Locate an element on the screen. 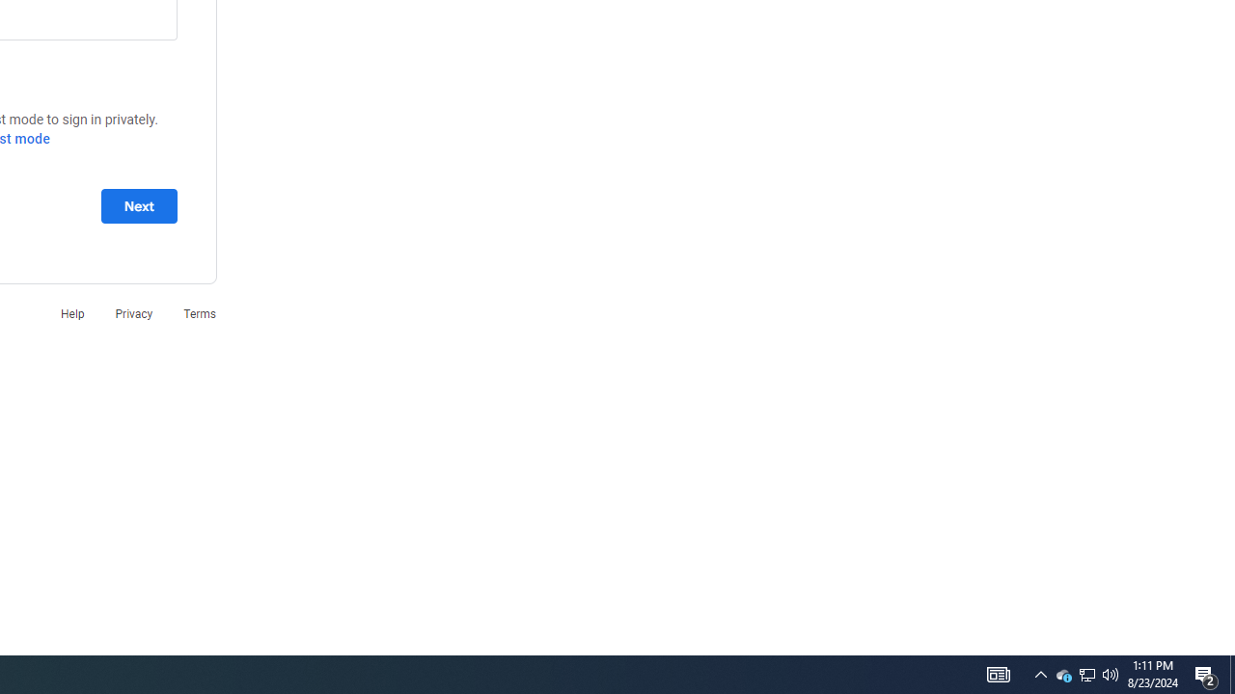 The image size is (1235, 694). 'Terms' is located at coordinates (200, 312).